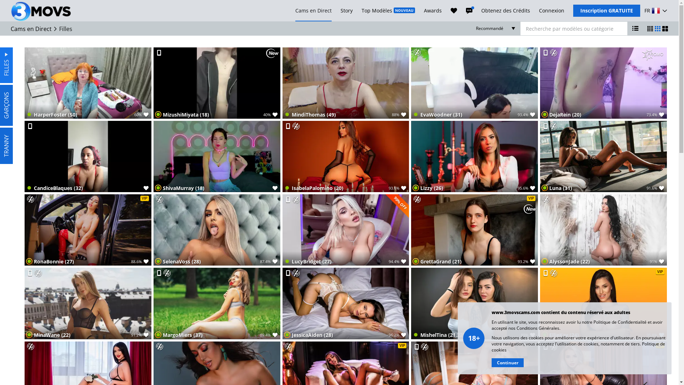 This screenshot has width=684, height=385. Describe the element at coordinates (603, 303) in the screenshot. I see `'VIP` at that location.